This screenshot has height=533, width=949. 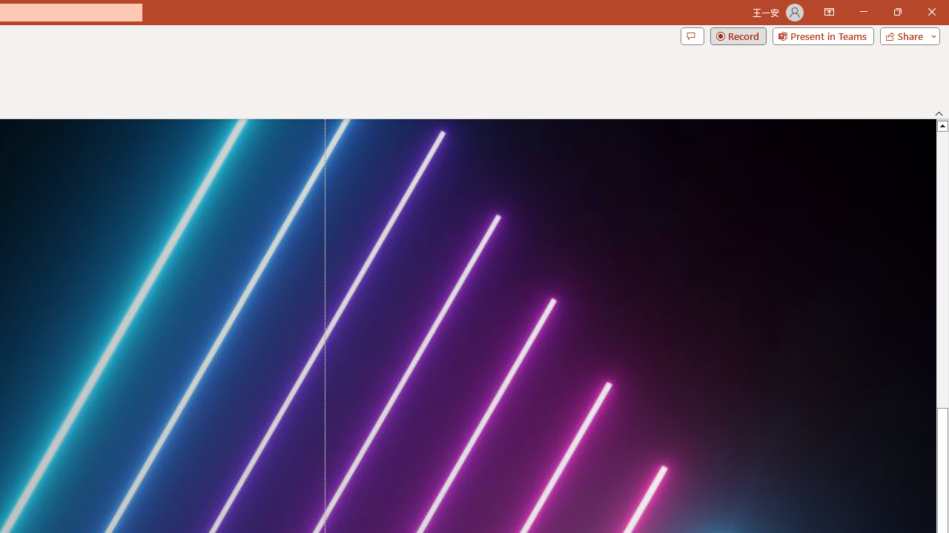 I want to click on 'Restore Down', so click(x=896, y=12).